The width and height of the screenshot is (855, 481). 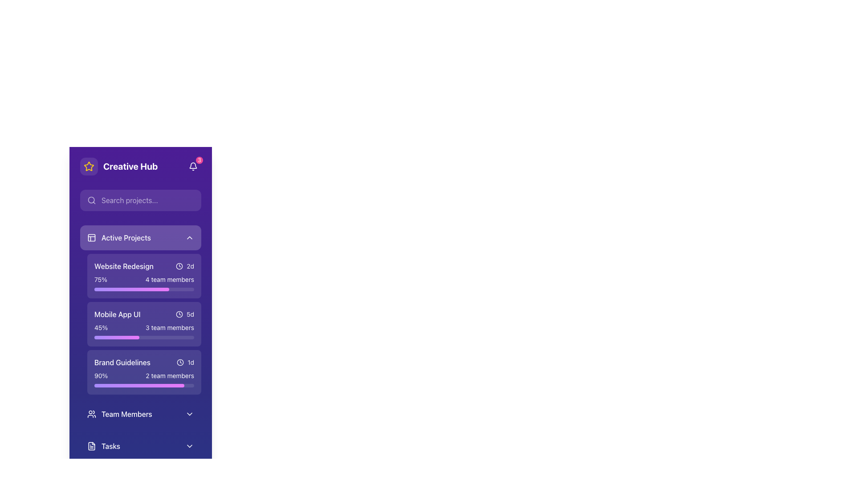 What do you see at coordinates (144, 324) in the screenshot?
I see `the second Project Information Card in the 'Active Projects' section` at bounding box center [144, 324].